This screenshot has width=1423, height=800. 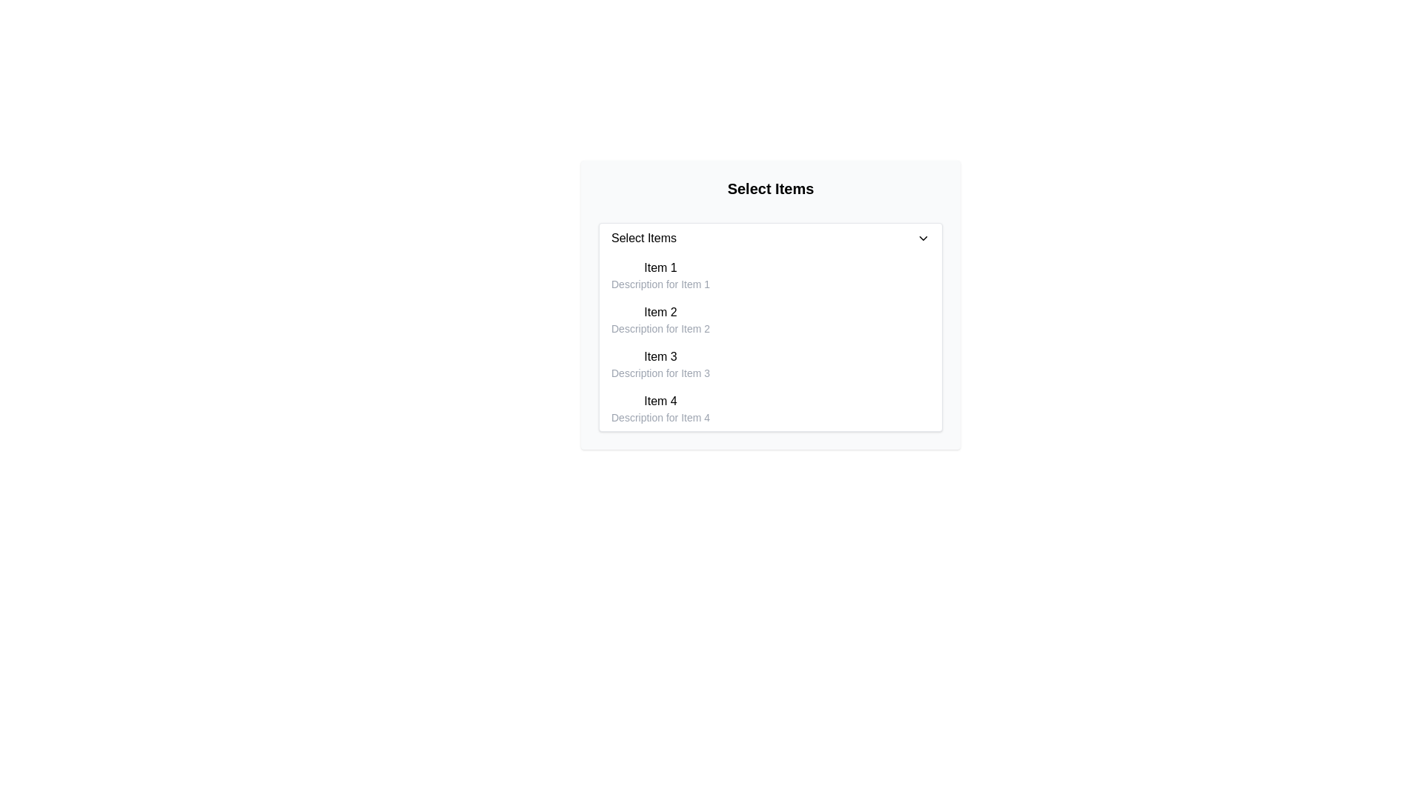 I want to click on the selectable option 'Item 4' in the list, so click(x=771, y=408).